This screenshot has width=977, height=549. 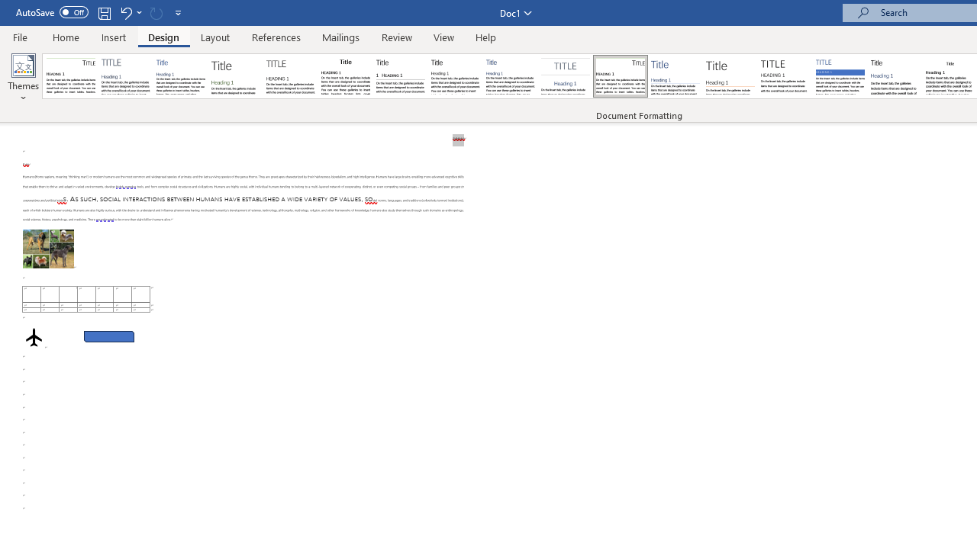 I want to click on 'Black & White (Capitalized)', so click(x=291, y=76).